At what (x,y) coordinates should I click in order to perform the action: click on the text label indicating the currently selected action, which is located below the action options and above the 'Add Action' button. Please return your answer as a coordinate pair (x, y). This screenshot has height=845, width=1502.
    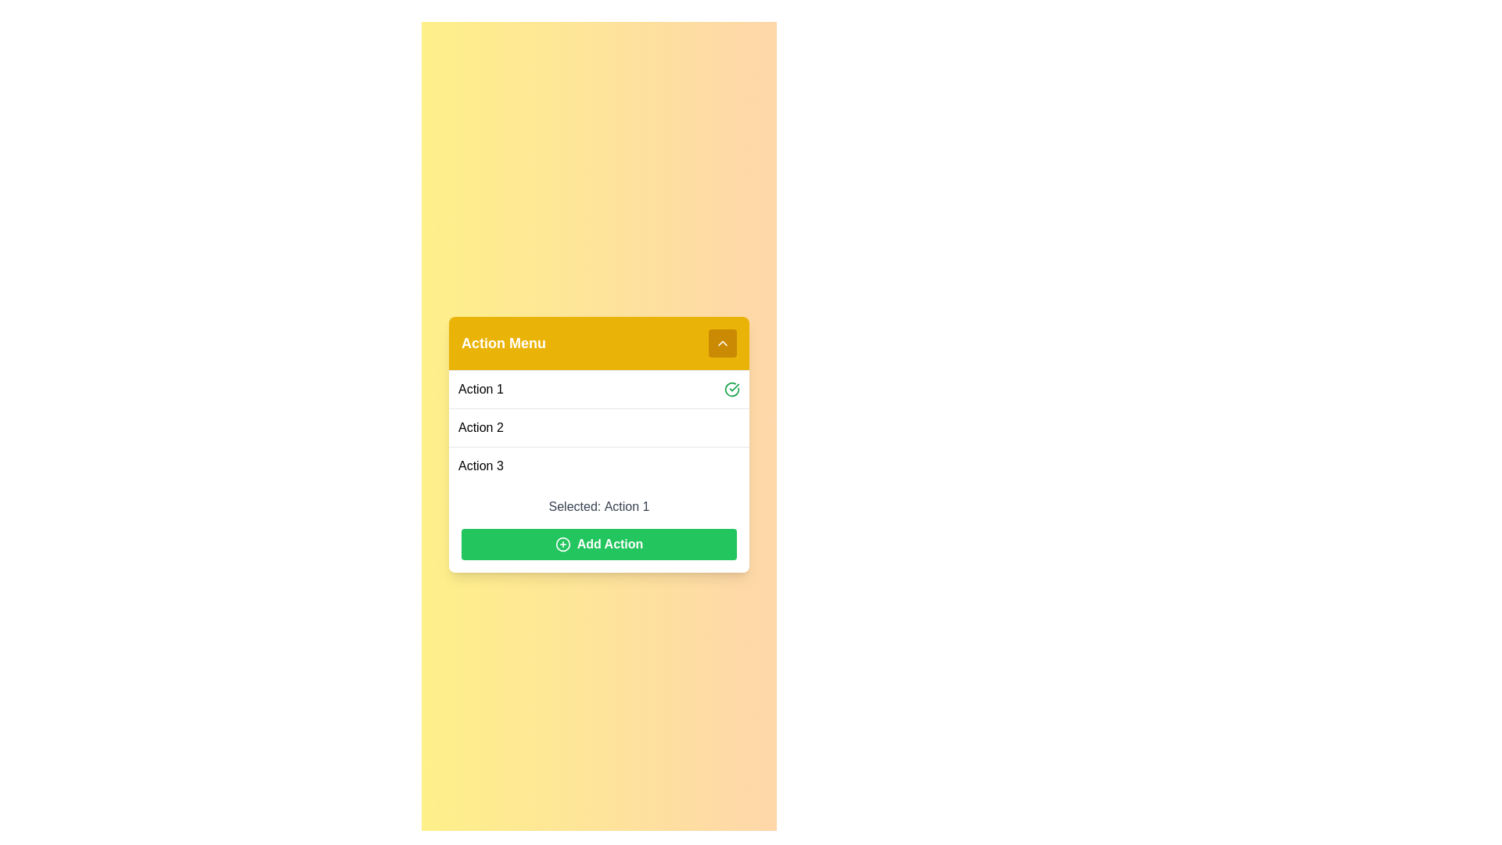
    Looking at the image, I should click on (598, 506).